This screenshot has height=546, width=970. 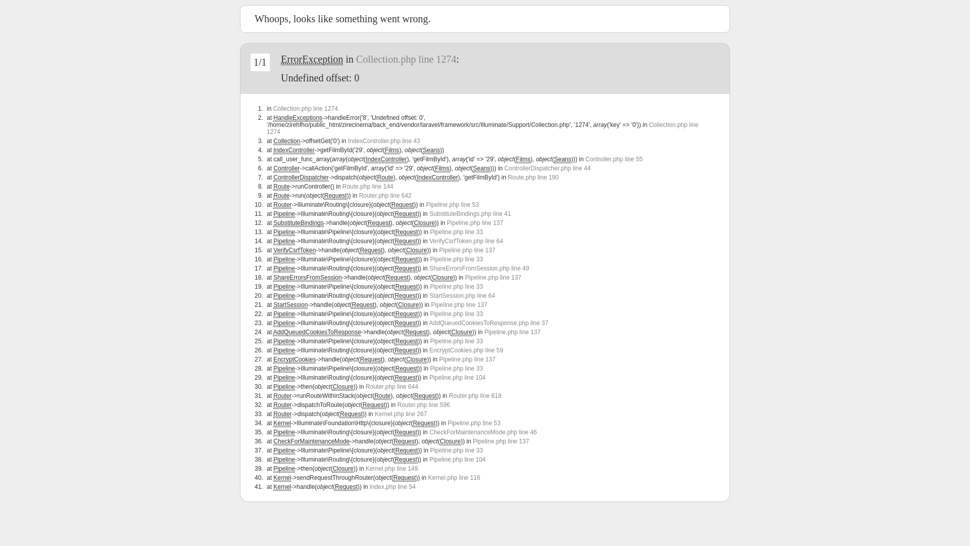 I want to click on 'Controller.php line 55', so click(x=613, y=159).